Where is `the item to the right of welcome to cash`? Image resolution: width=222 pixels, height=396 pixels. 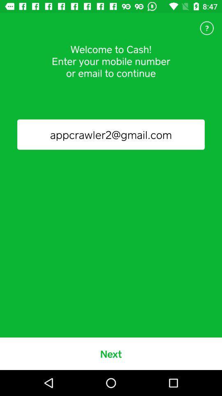
the item to the right of welcome to cash is located at coordinates (206, 28).